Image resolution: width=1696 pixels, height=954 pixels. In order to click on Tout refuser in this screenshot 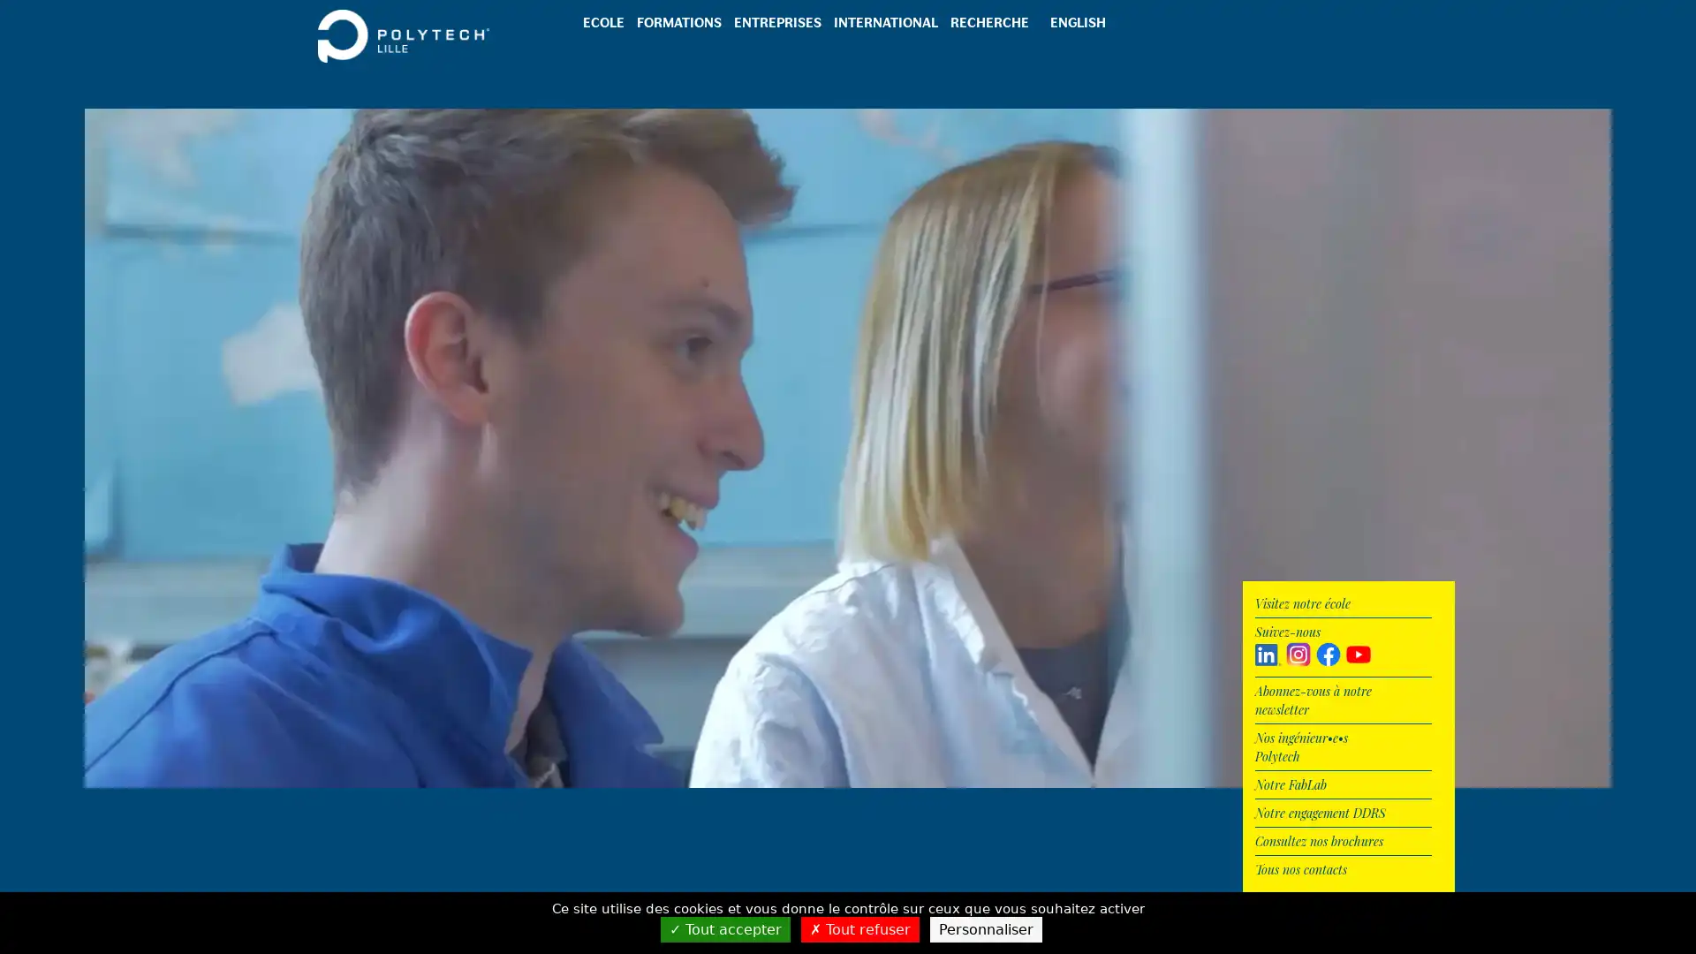, I will do `click(859, 928)`.